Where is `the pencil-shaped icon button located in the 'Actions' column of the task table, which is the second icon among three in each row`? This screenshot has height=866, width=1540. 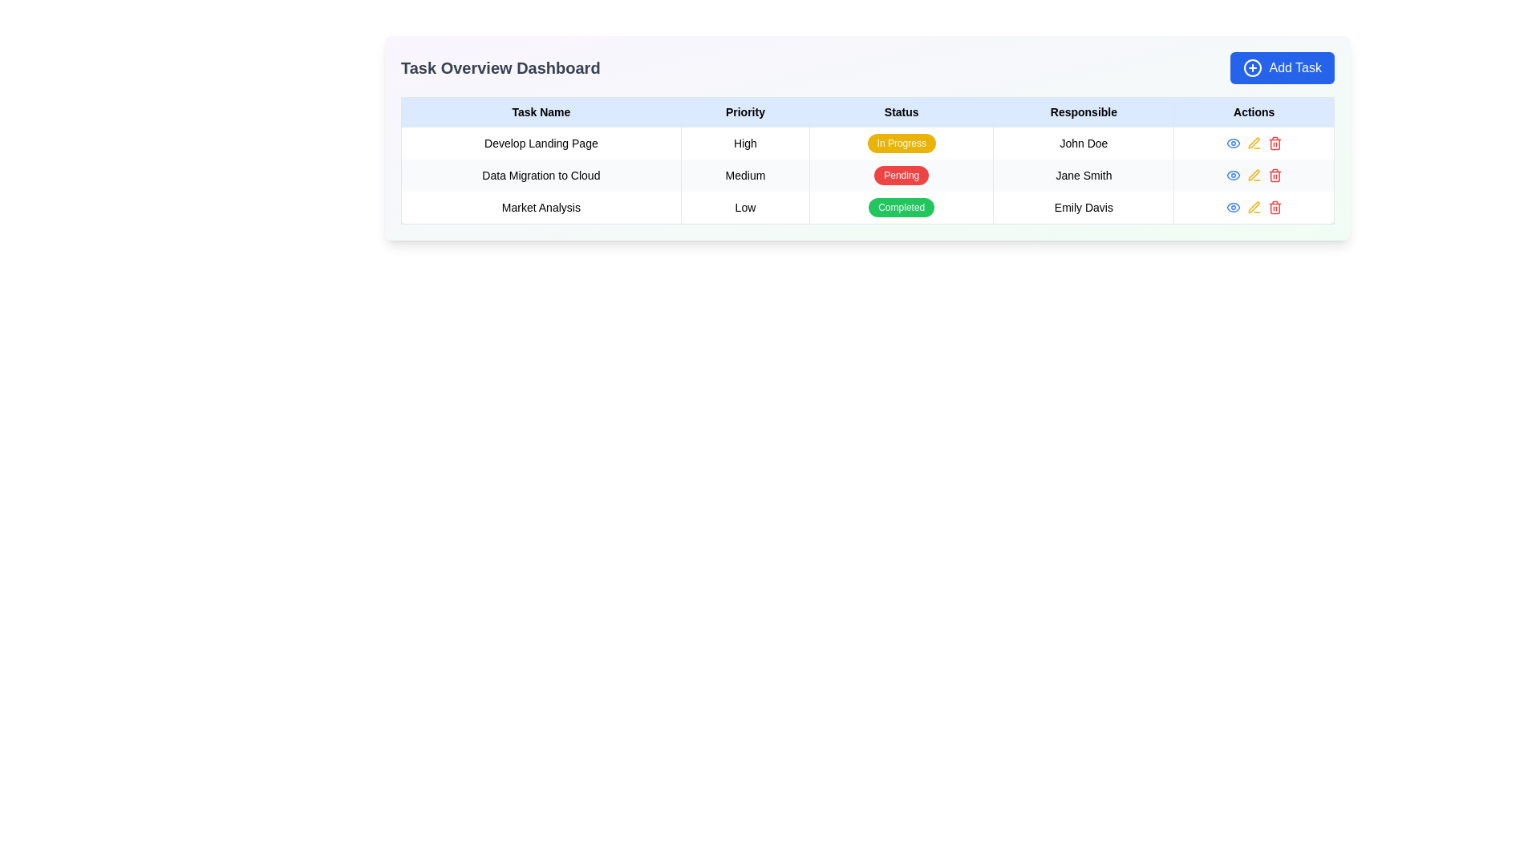 the pencil-shaped icon button located in the 'Actions' column of the task table, which is the second icon among three in each row is located at coordinates (1253, 142).